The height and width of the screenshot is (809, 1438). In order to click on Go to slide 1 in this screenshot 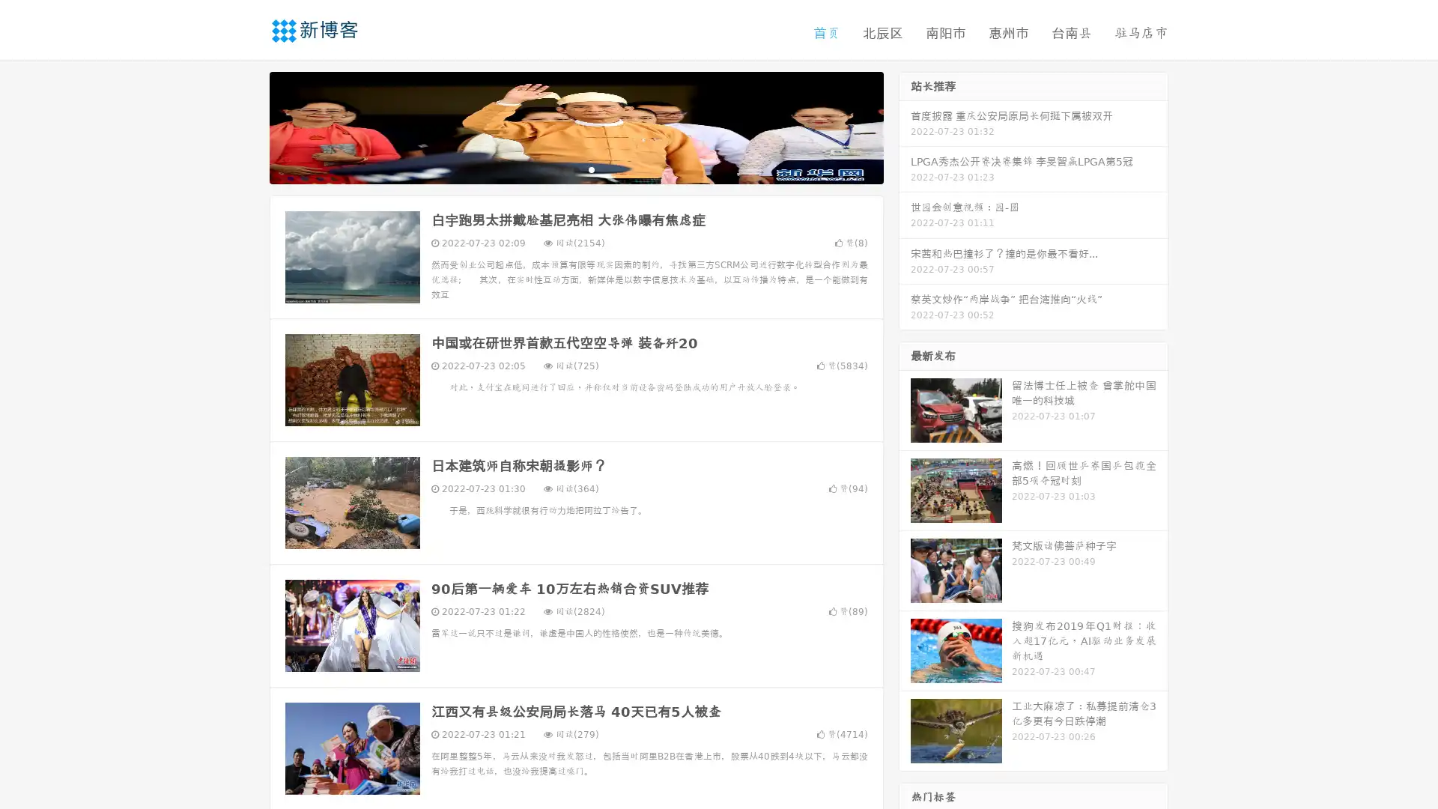, I will do `click(560, 169)`.